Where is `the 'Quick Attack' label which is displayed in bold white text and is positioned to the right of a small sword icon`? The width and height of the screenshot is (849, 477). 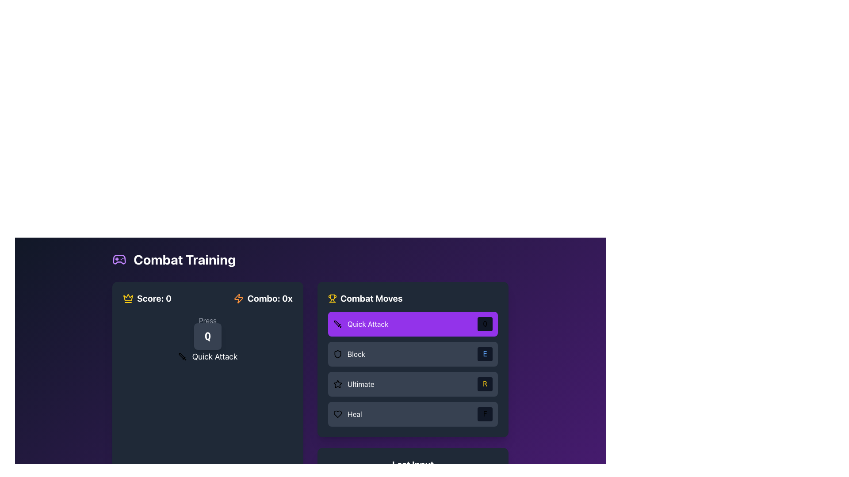
the 'Quick Attack' label which is displayed in bold white text and is positioned to the right of a small sword icon is located at coordinates (214, 356).